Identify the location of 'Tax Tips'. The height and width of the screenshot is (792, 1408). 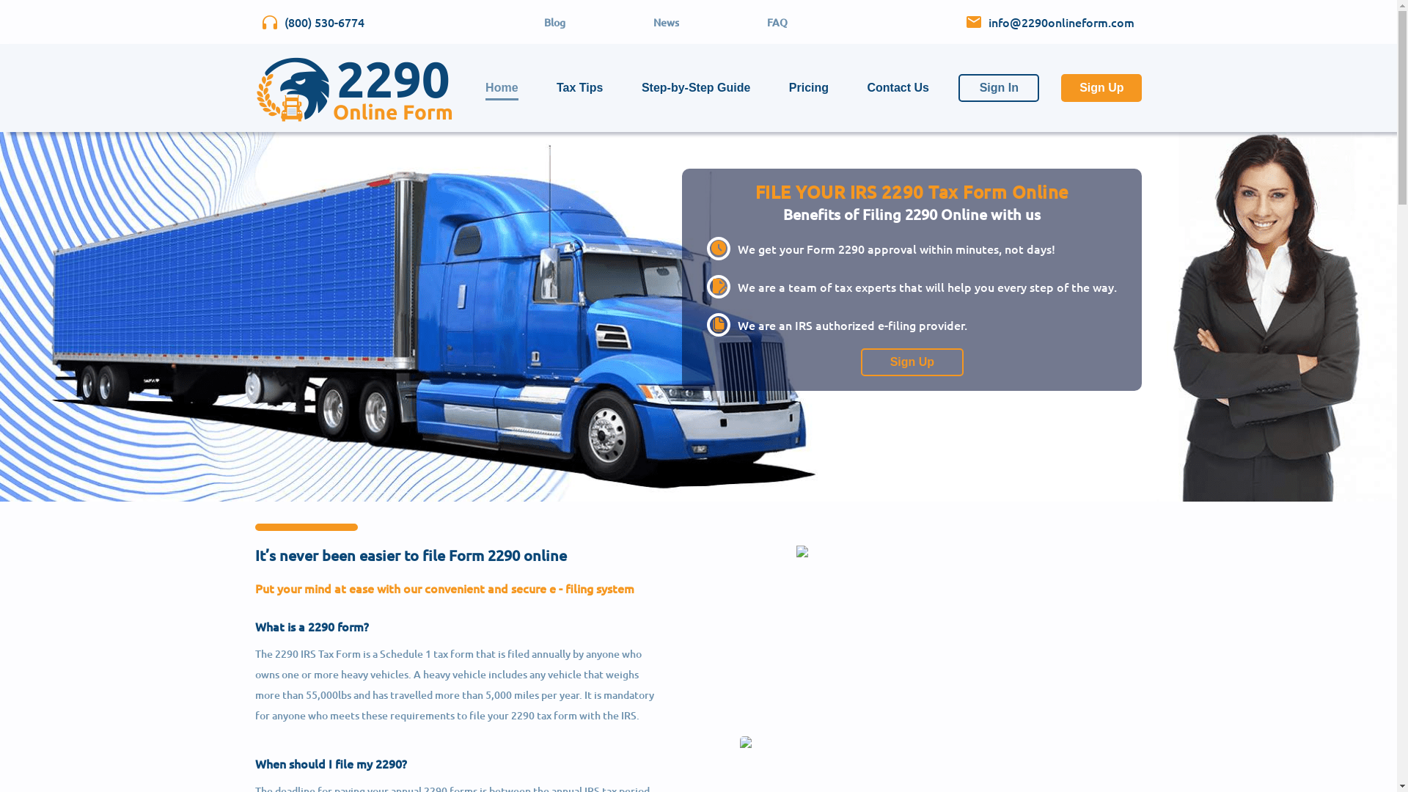
(555, 87).